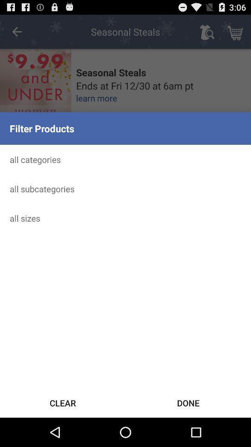 This screenshot has height=447, width=251. What do you see at coordinates (63, 402) in the screenshot?
I see `the clear` at bounding box center [63, 402].